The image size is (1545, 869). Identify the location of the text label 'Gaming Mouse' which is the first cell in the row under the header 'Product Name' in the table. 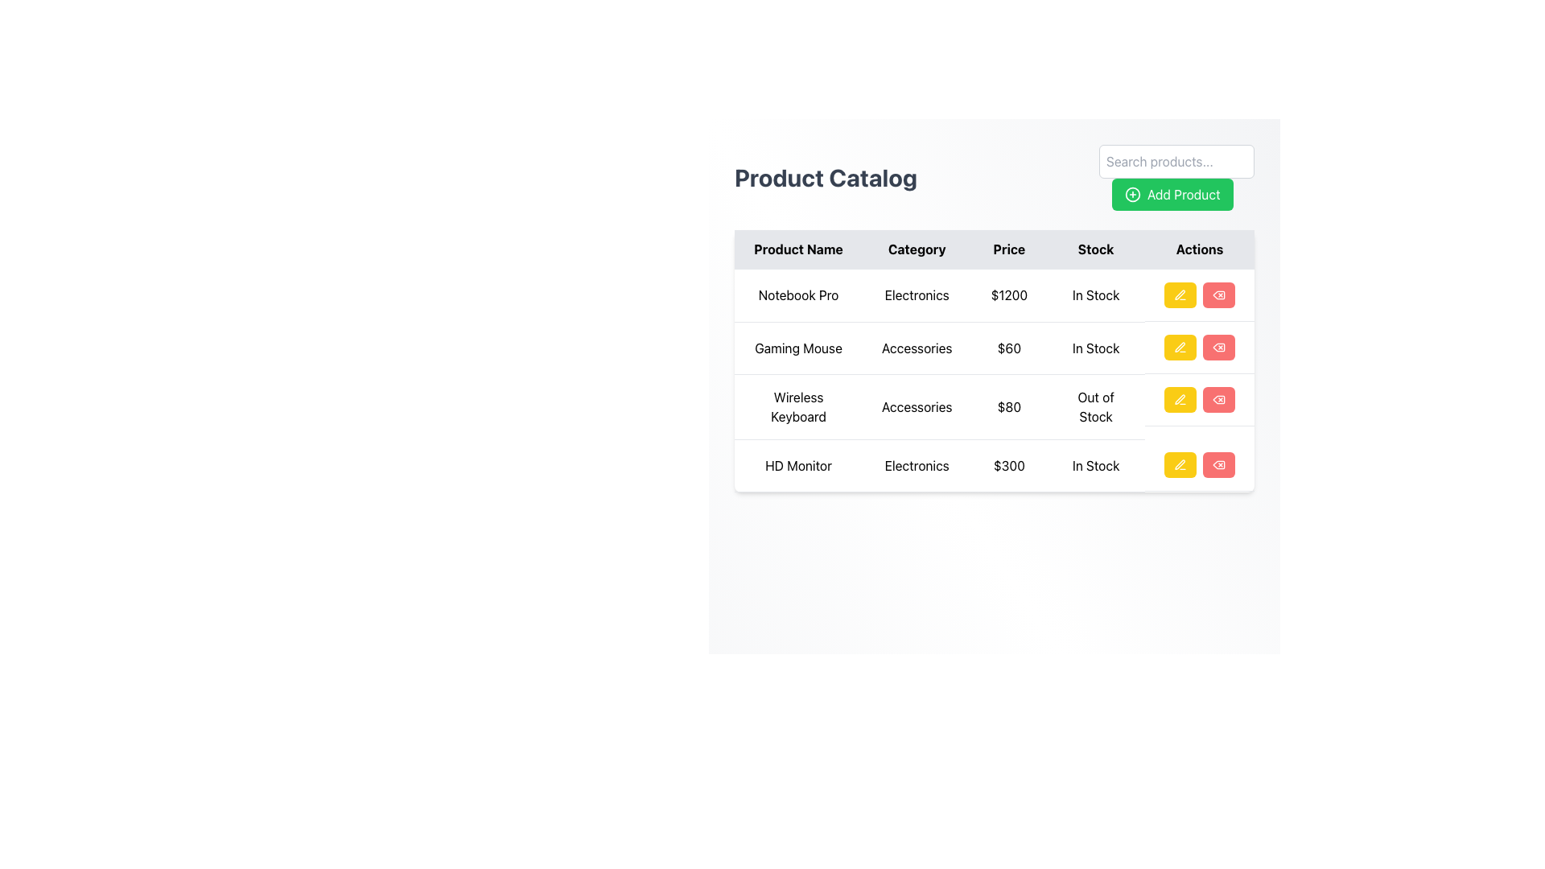
(798, 347).